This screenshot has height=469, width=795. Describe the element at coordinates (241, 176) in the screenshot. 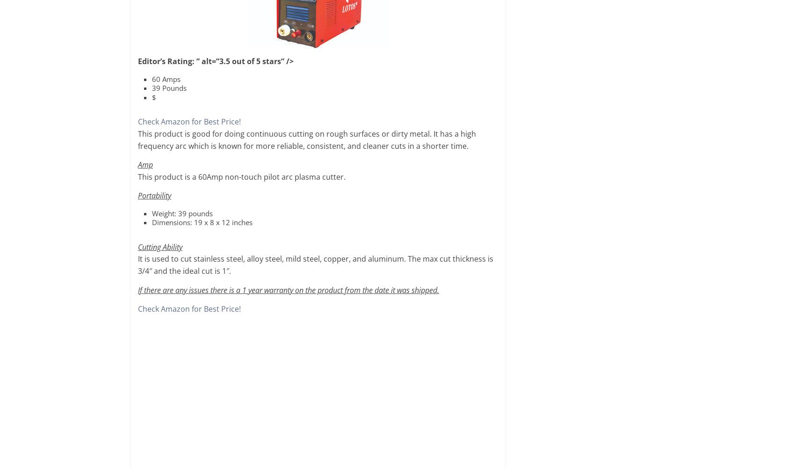

I see `'This product is a 60Amp non-touch pilot arc plasma cutter.'` at that location.